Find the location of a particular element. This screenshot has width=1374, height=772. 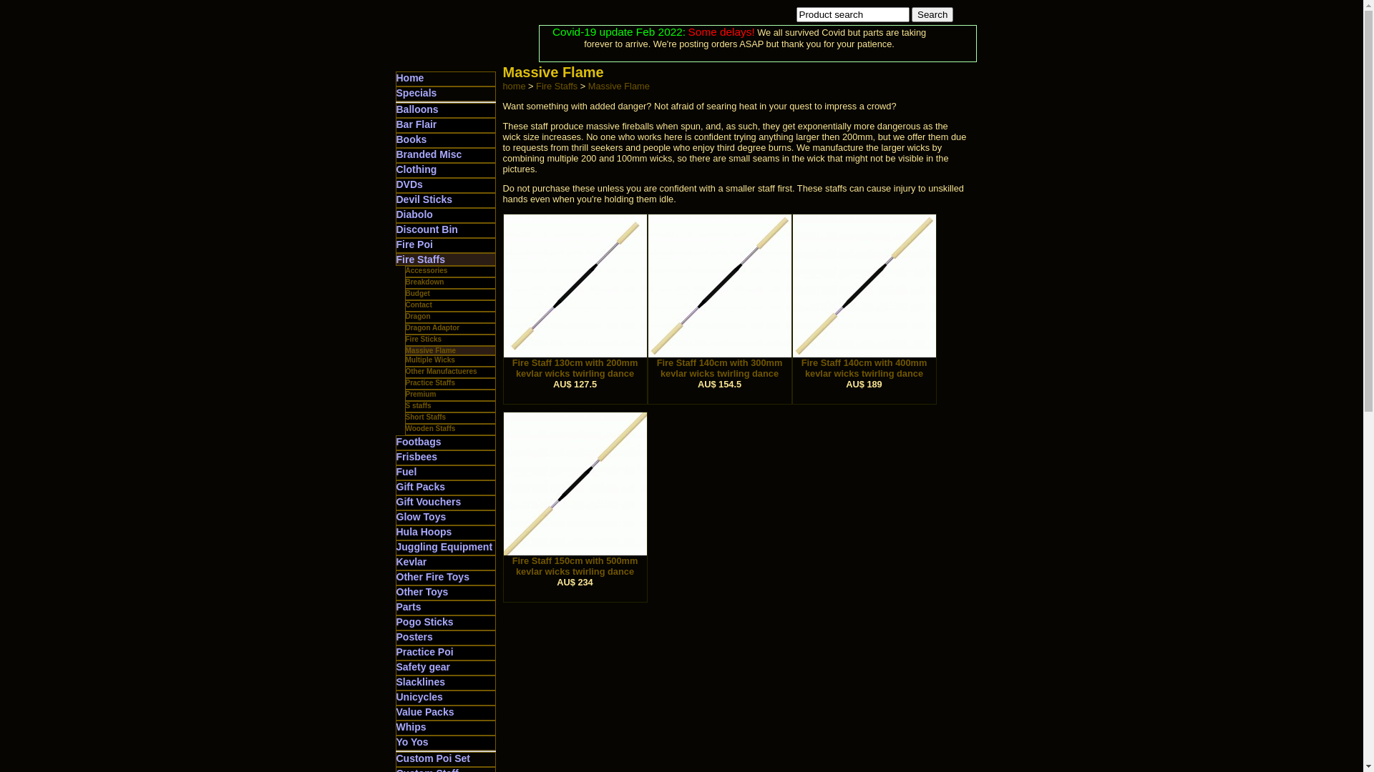

'Clothing' is located at coordinates (416, 168).